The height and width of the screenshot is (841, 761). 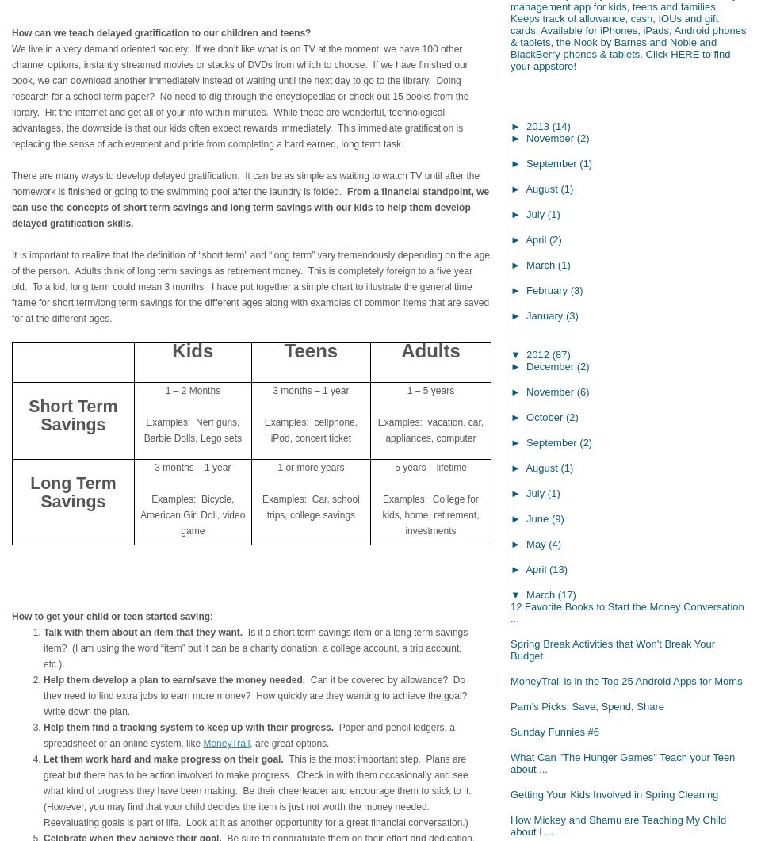 I want to click on '(17)', so click(x=566, y=594).